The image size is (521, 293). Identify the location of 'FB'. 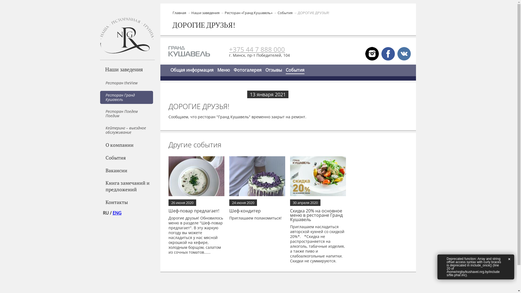
(381, 53).